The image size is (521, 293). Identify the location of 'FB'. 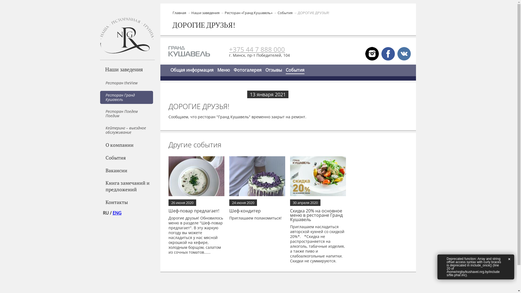
(381, 53).